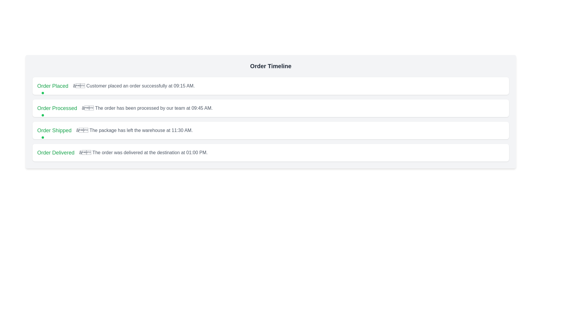  Describe the element at coordinates (147, 108) in the screenshot. I see `the text label displaying '– The order has been processed by our team at 09:45 AM.' which is located below 'Order Placed' and above 'Order Shipped', aligned with 'Order Processed'` at that location.